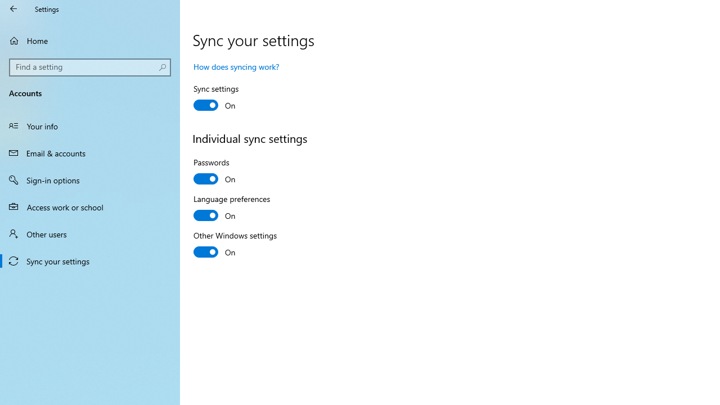 The height and width of the screenshot is (405, 720). I want to click on 'Sign-in options', so click(90, 179).